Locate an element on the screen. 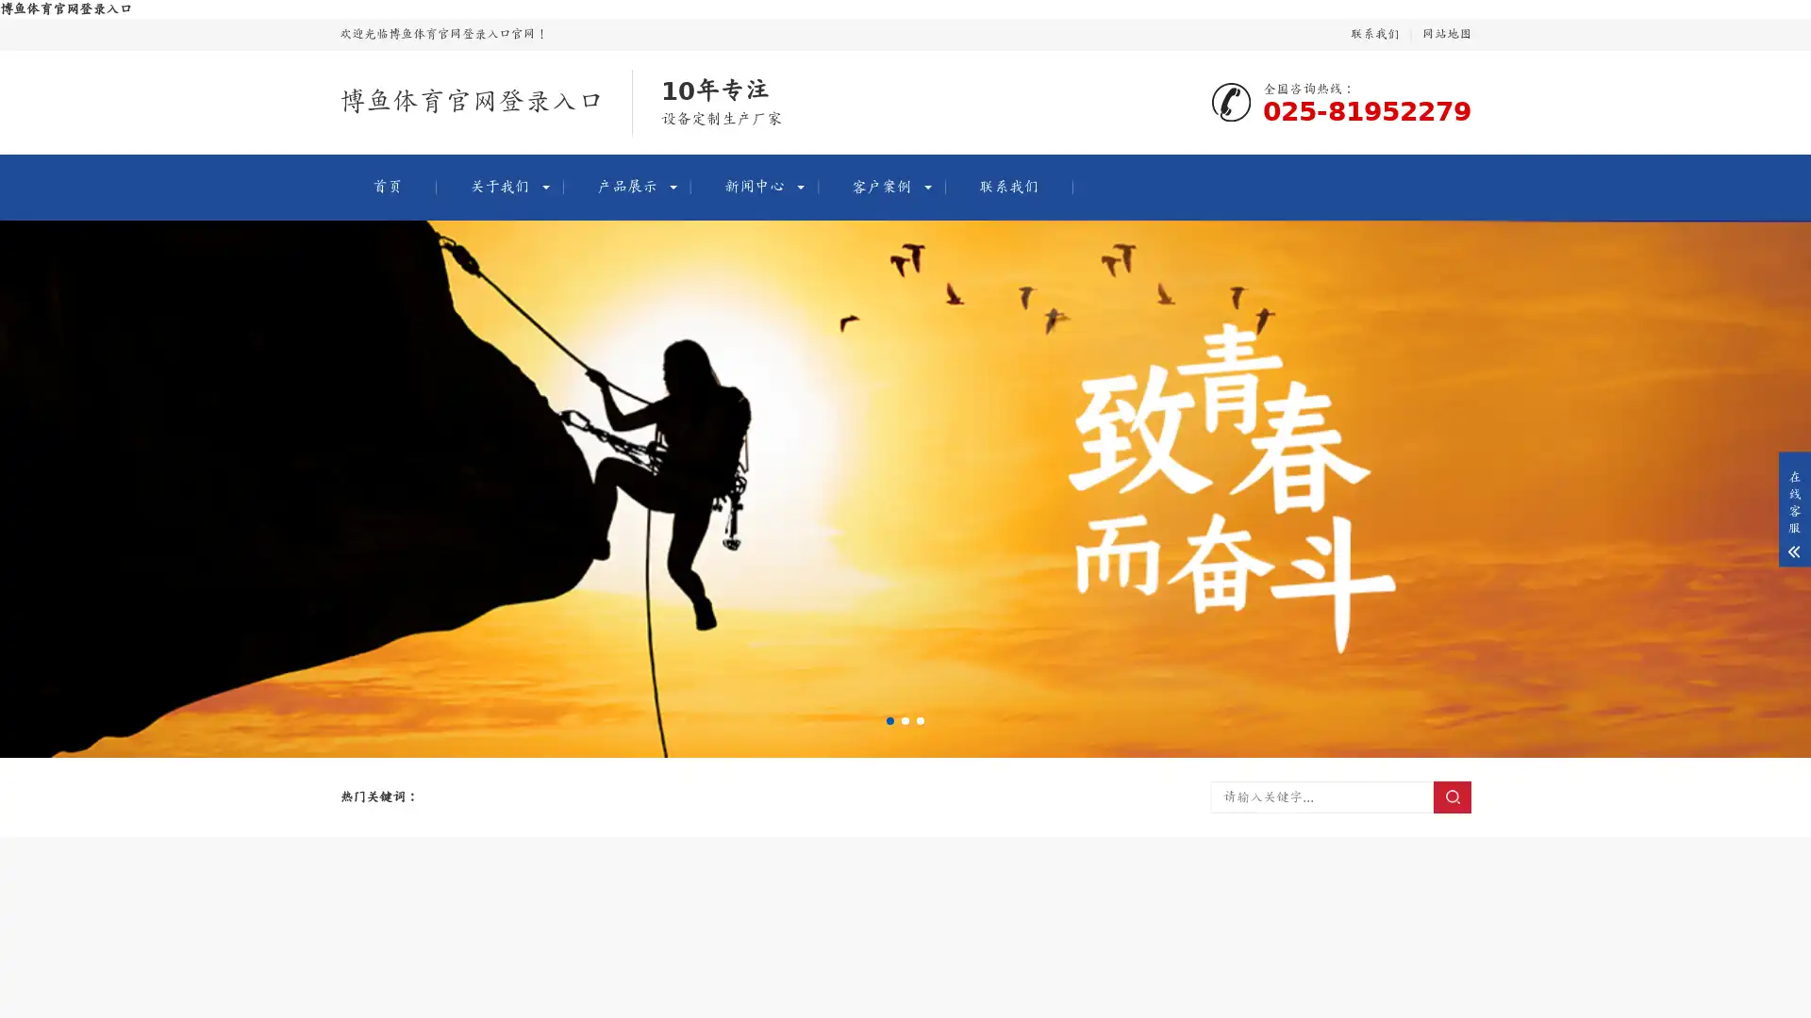 The image size is (1811, 1018). Go to slide 2 is located at coordinates (905, 720).